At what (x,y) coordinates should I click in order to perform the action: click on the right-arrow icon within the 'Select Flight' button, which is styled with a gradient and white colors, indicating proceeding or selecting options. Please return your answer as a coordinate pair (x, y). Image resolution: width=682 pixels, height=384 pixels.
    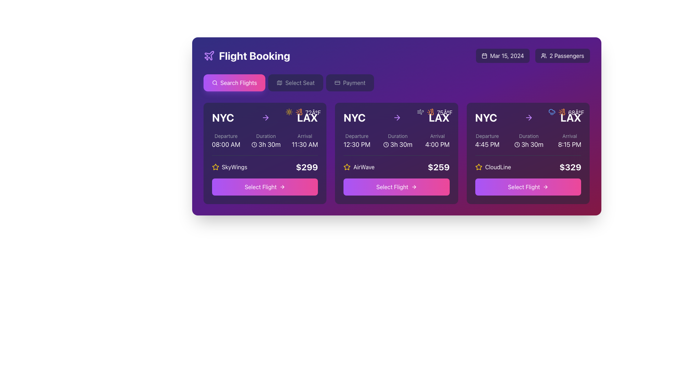
    Looking at the image, I should click on (545, 186).